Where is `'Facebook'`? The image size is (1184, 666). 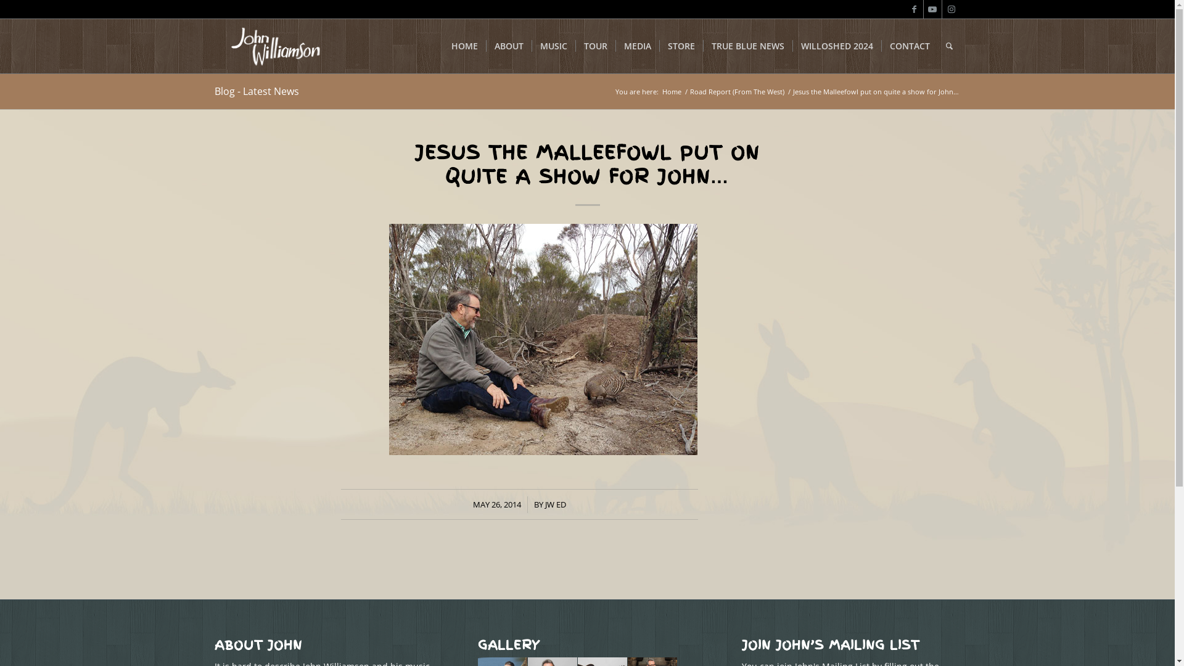
'Facebook' is located at coordinates (905, 9).